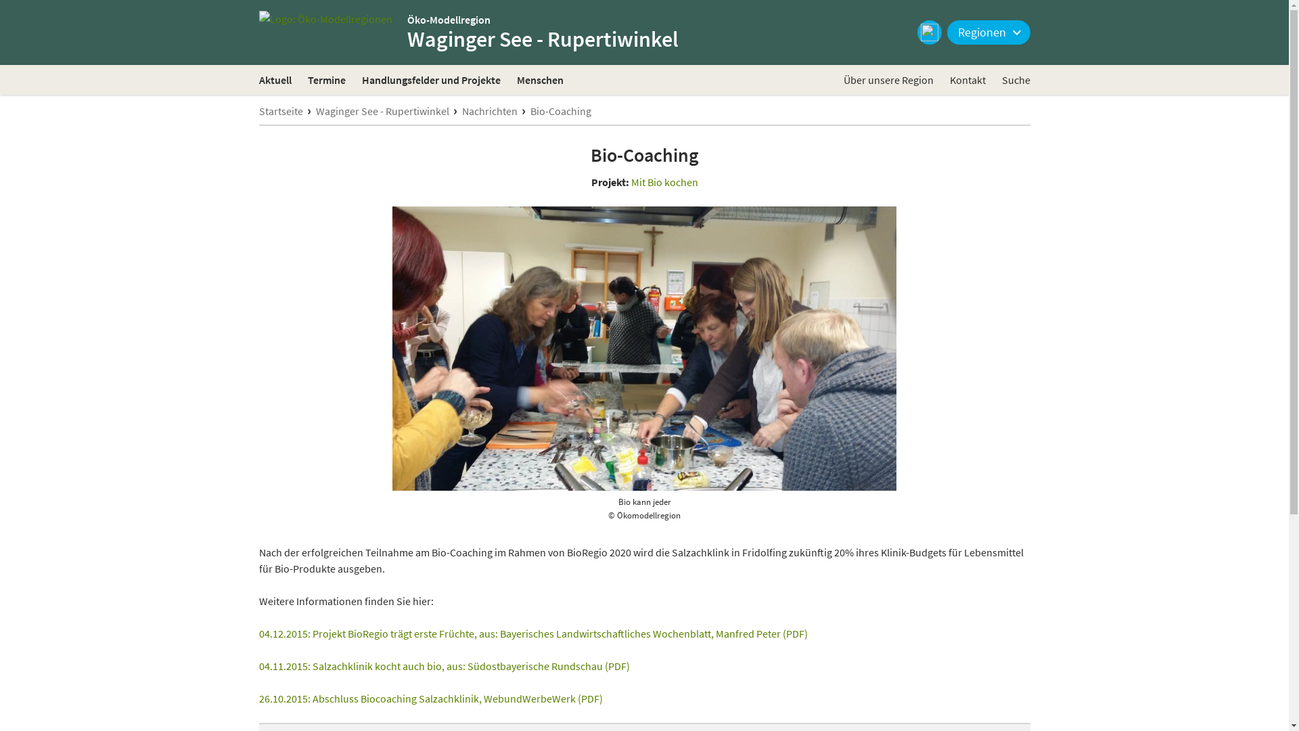 The height and width of the screenshot is (731, 1299). Describe the element at coordinates (279, 110) in the screenshot. I see `'Startseite'` at that location.